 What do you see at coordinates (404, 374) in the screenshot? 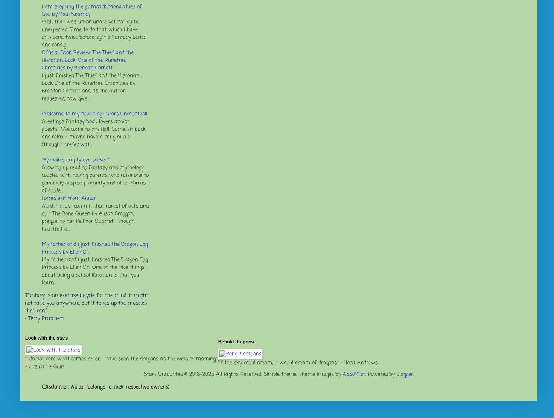
I see `'Blogger'` at bounding box center [404, 374].